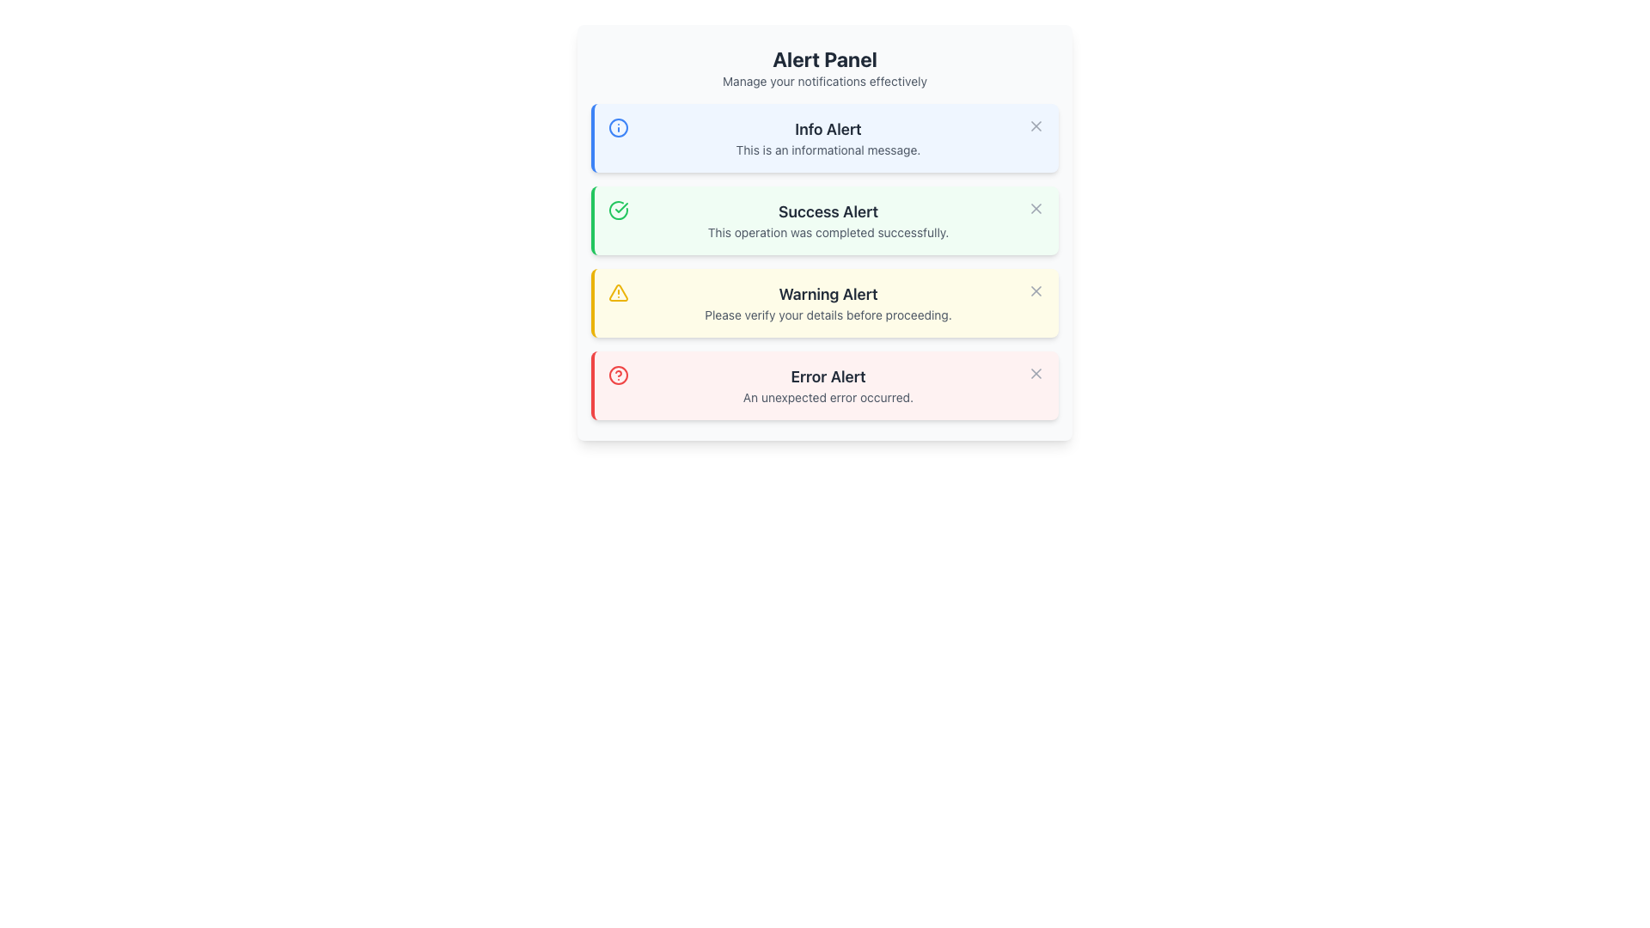  Describe the element at coordinates (619, 210) in the screenshot. I see `the circular icon with a checkmark inside, which has a green outline and is located within the 'Success Alert' notification box on the left side` at that location.